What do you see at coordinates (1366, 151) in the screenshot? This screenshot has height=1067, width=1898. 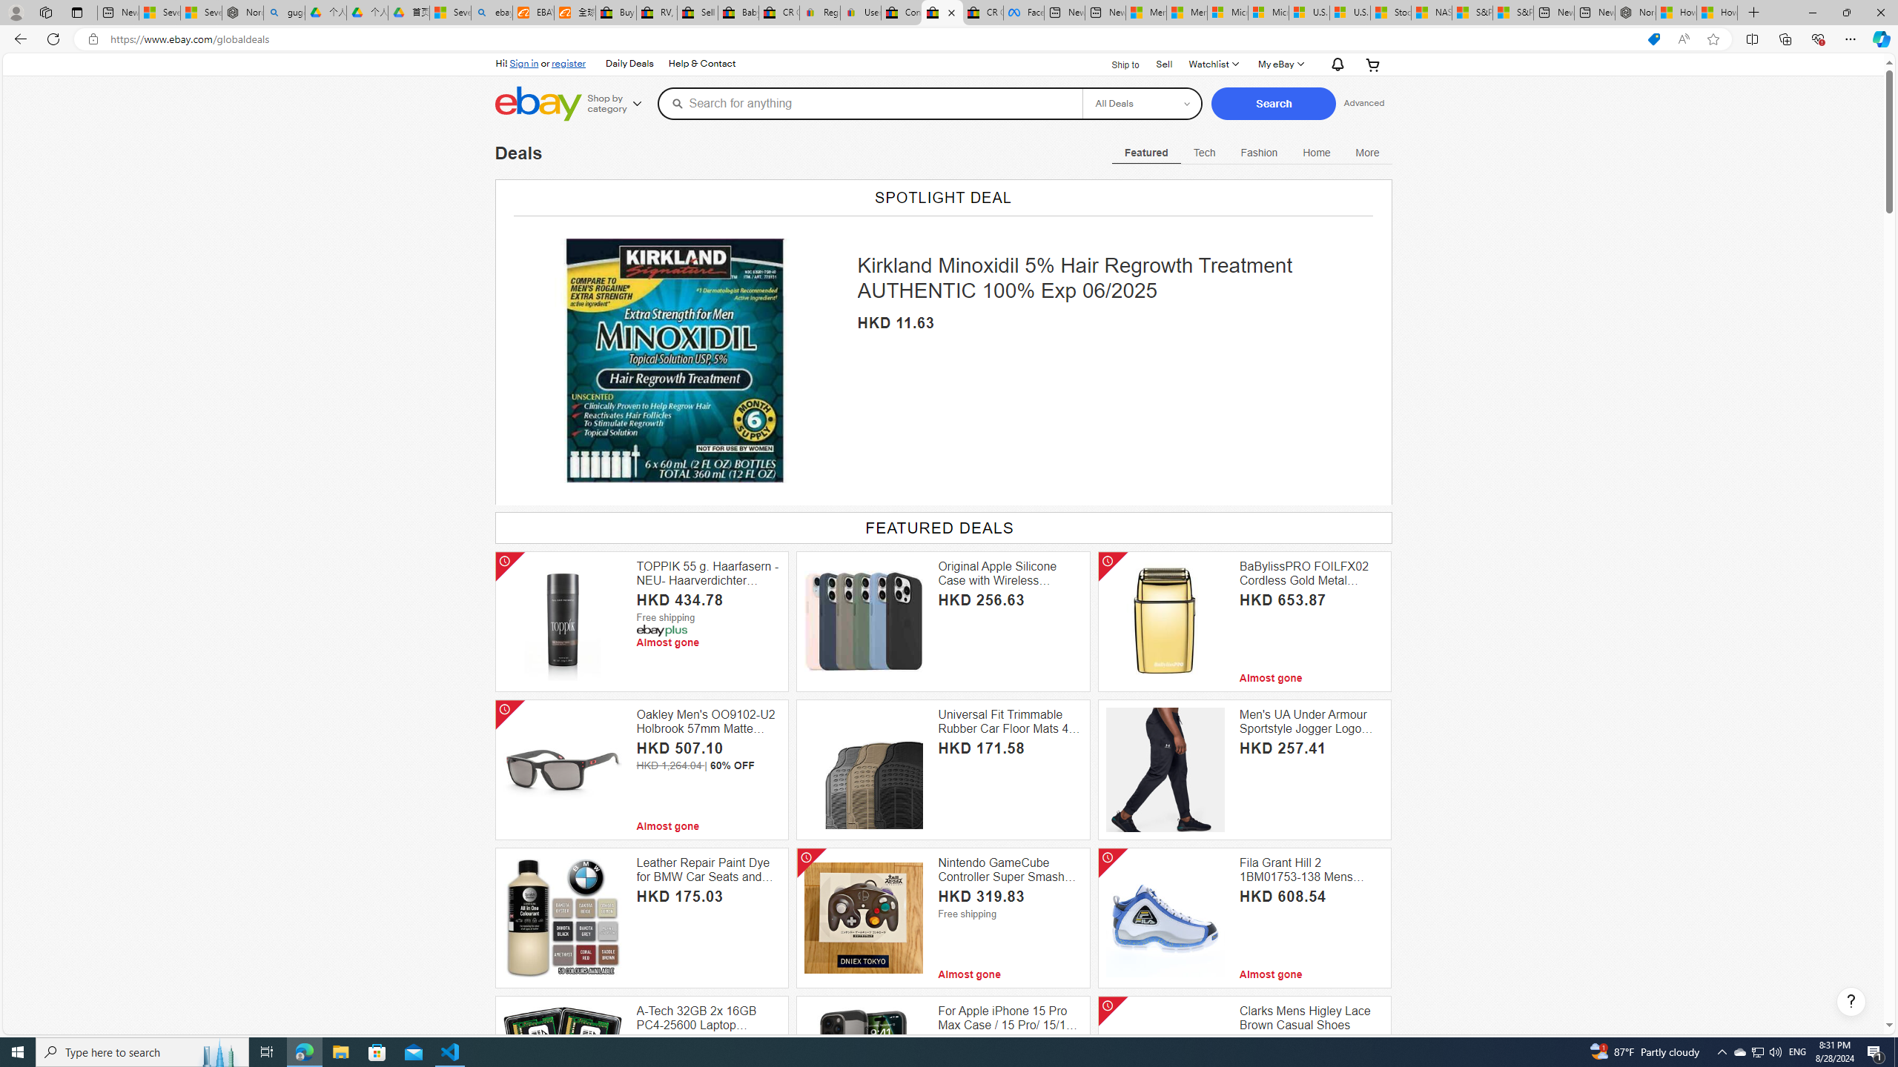 I see `'More'` at bounding box center [1366, 151].